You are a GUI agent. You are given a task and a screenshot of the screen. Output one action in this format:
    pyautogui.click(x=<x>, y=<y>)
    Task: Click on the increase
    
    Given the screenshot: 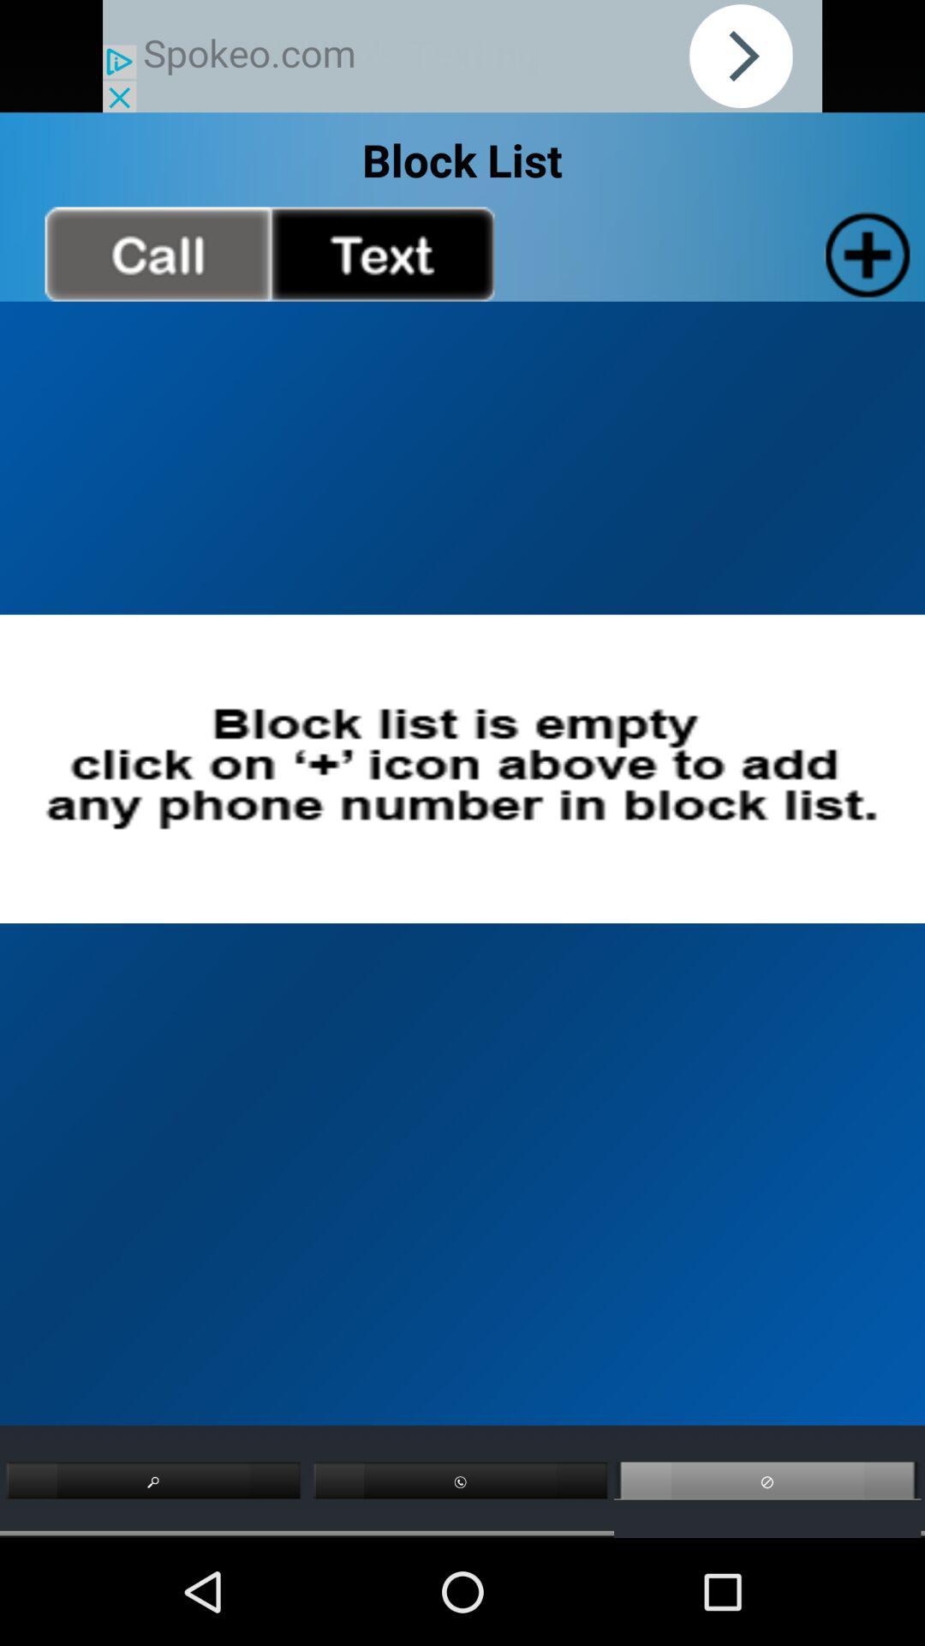 What is the action you would take?
    pyautogui.click(x=864, y=253)
    